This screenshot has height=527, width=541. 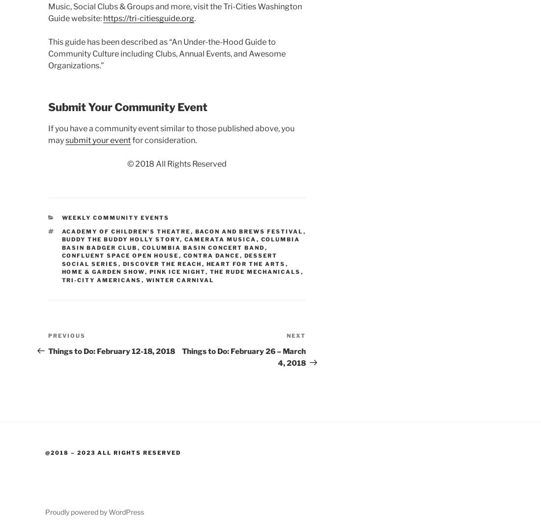 I want to click on 'Contra Dance', so click(x=210, y=256).